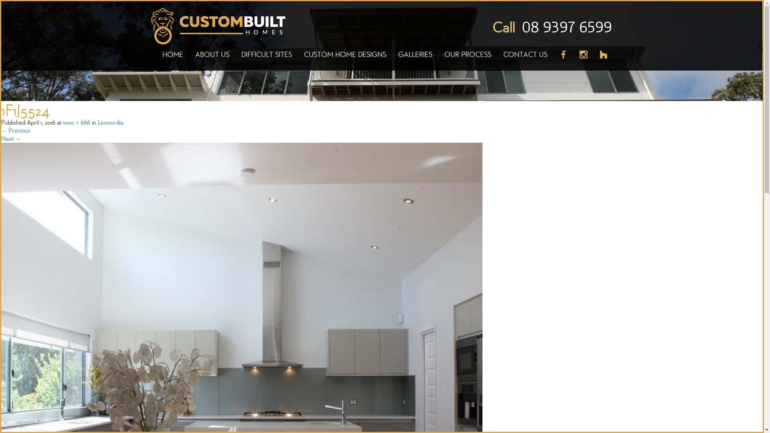 The image size is (770, 433). I want to click on 'DIFFICULT SITES', so click(267, 59).